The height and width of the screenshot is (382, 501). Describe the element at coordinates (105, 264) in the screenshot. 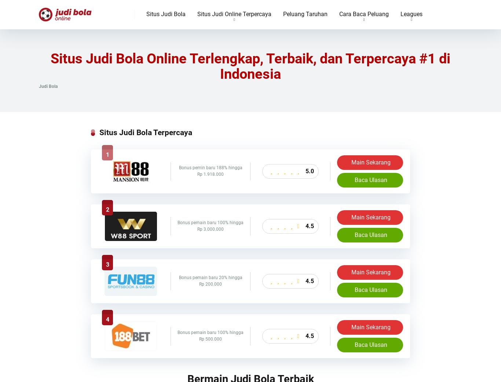

I see `'3'` at that location.